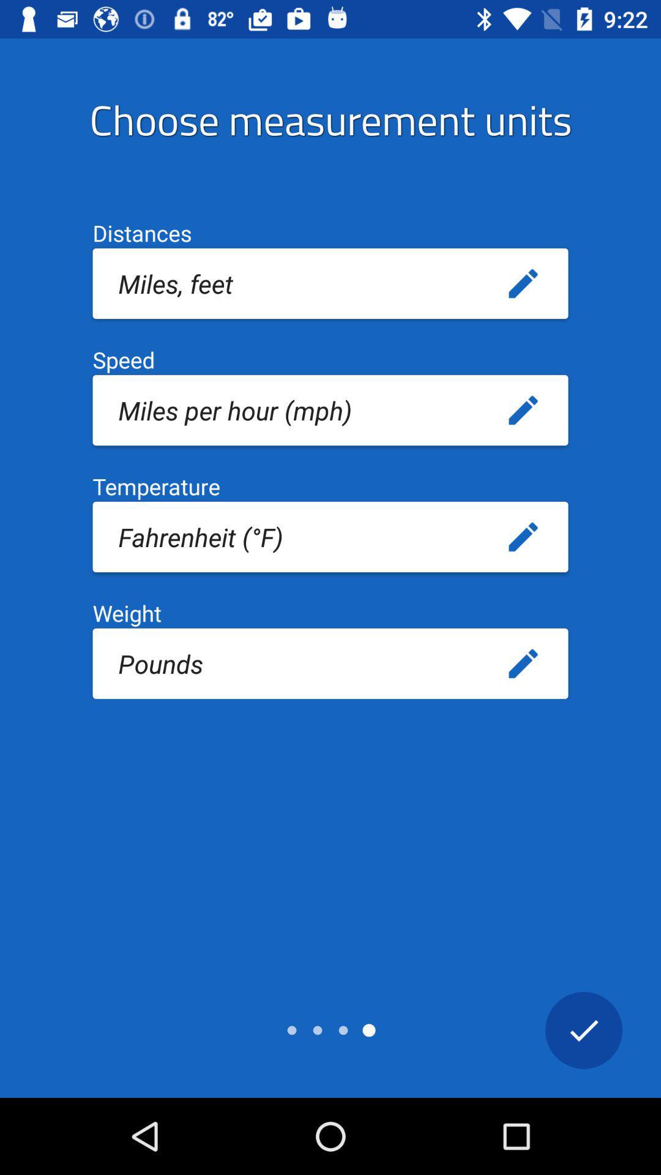 The width and height of the screenshot is (661, 1175). Describe the element at coordinates (583, 1029) in the screenshot. I see `the option of tick` at that location.